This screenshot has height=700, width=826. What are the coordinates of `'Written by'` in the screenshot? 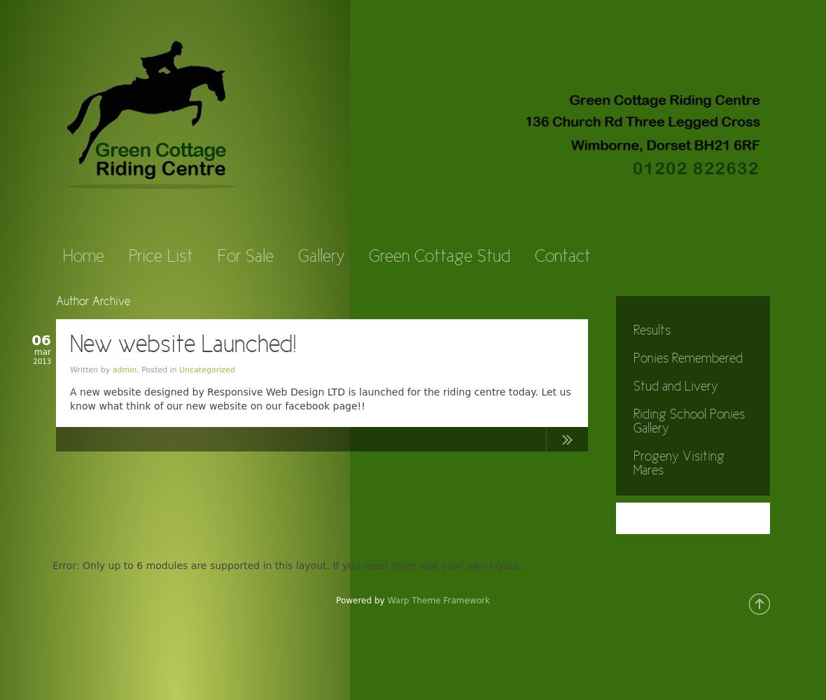 It's located at (90, 370).